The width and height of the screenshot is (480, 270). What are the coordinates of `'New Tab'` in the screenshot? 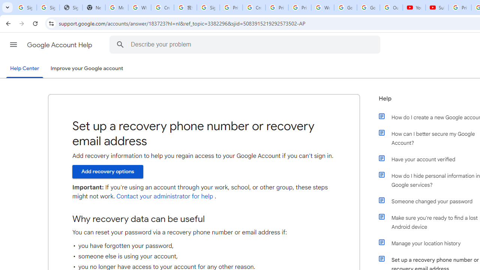 It's located at (93, 7).